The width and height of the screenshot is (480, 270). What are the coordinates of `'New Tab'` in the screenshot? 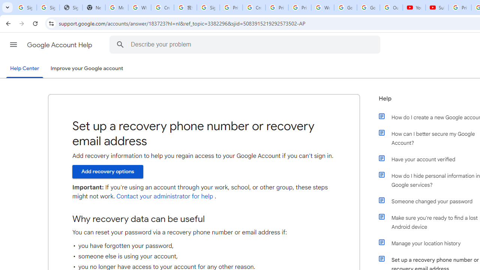 It's located at (93, 7).